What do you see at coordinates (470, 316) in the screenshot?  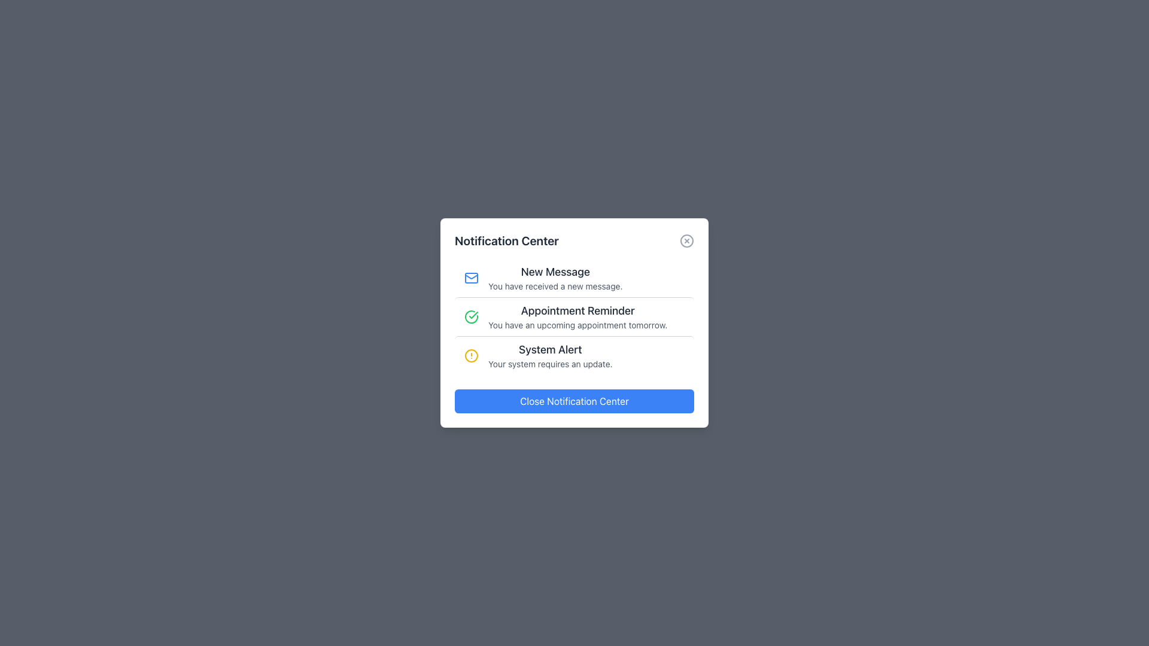 I see `the confirmation indicator icon for the 'Appointment Reminder' located in the notification center dialog` at bounding box center [470, 316].